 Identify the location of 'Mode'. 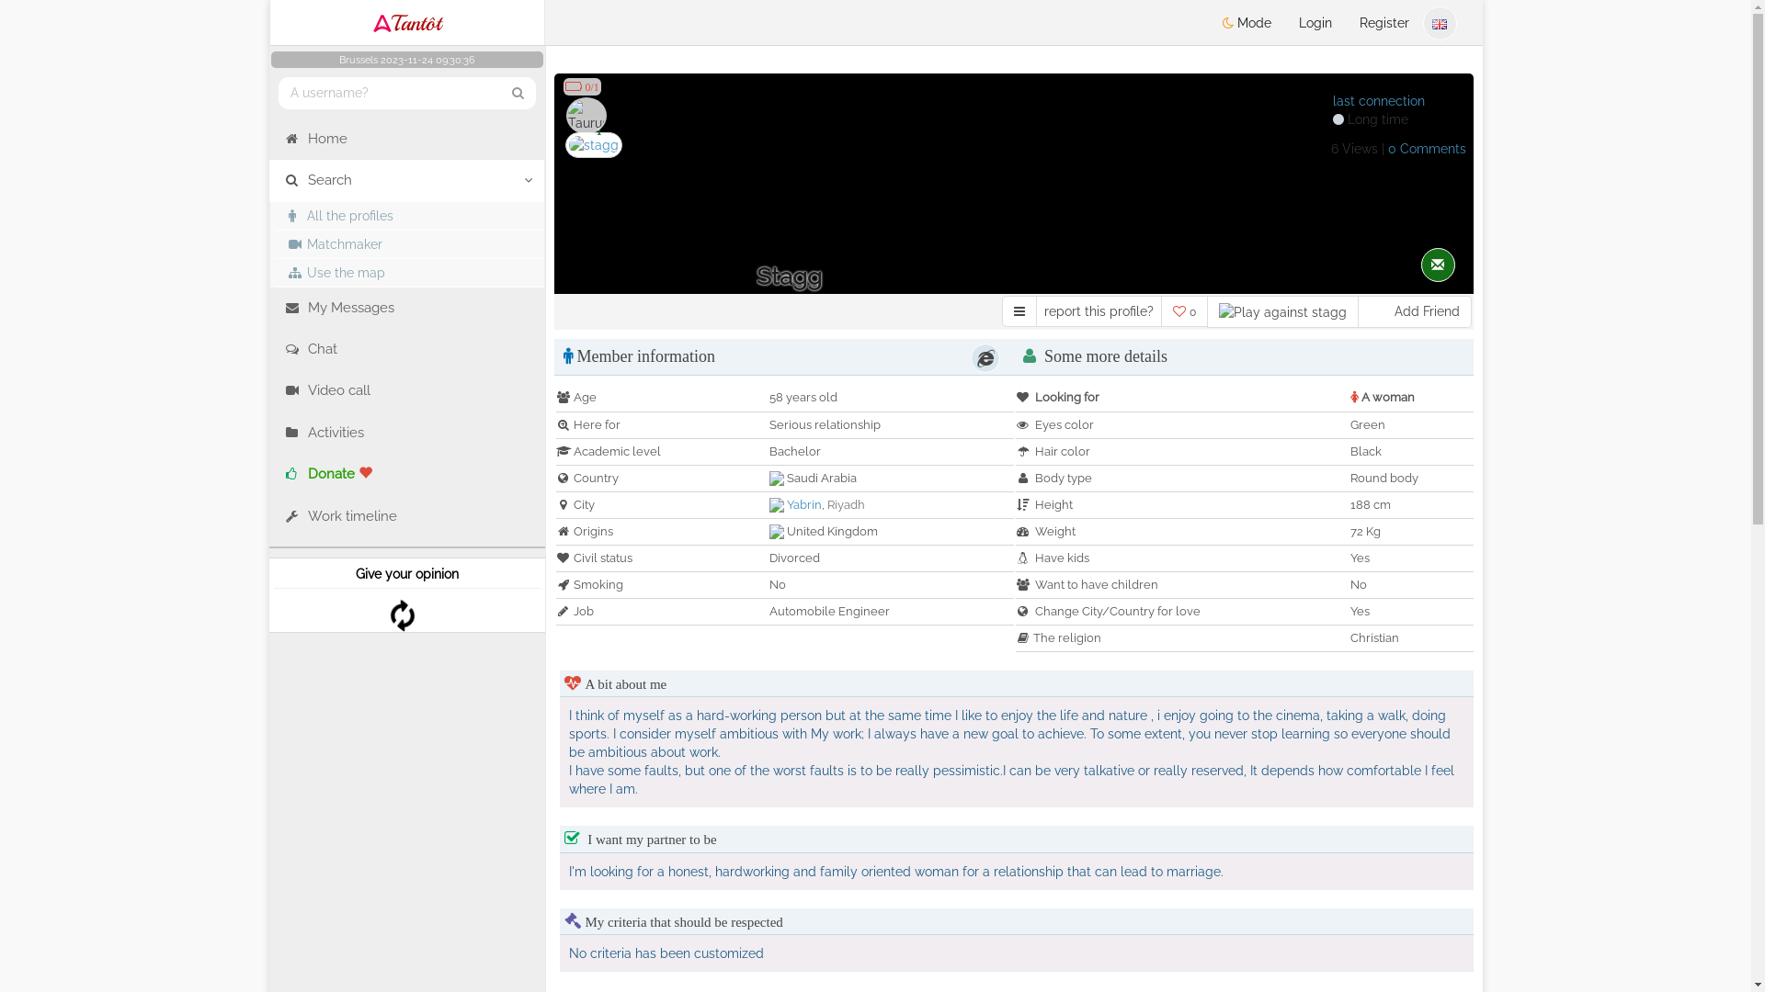
(1246, 22).